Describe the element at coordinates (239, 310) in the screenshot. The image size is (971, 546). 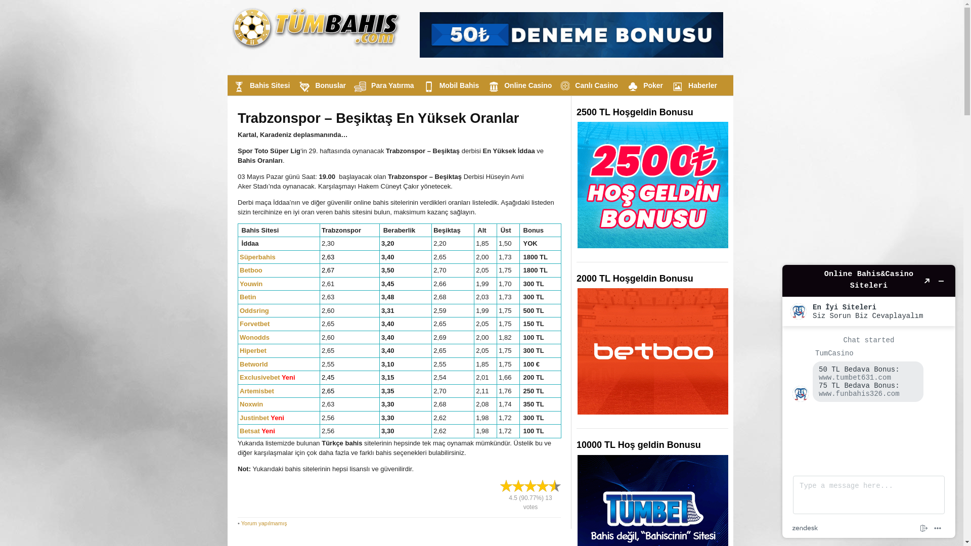
I see `'Oddsring'` at that location.